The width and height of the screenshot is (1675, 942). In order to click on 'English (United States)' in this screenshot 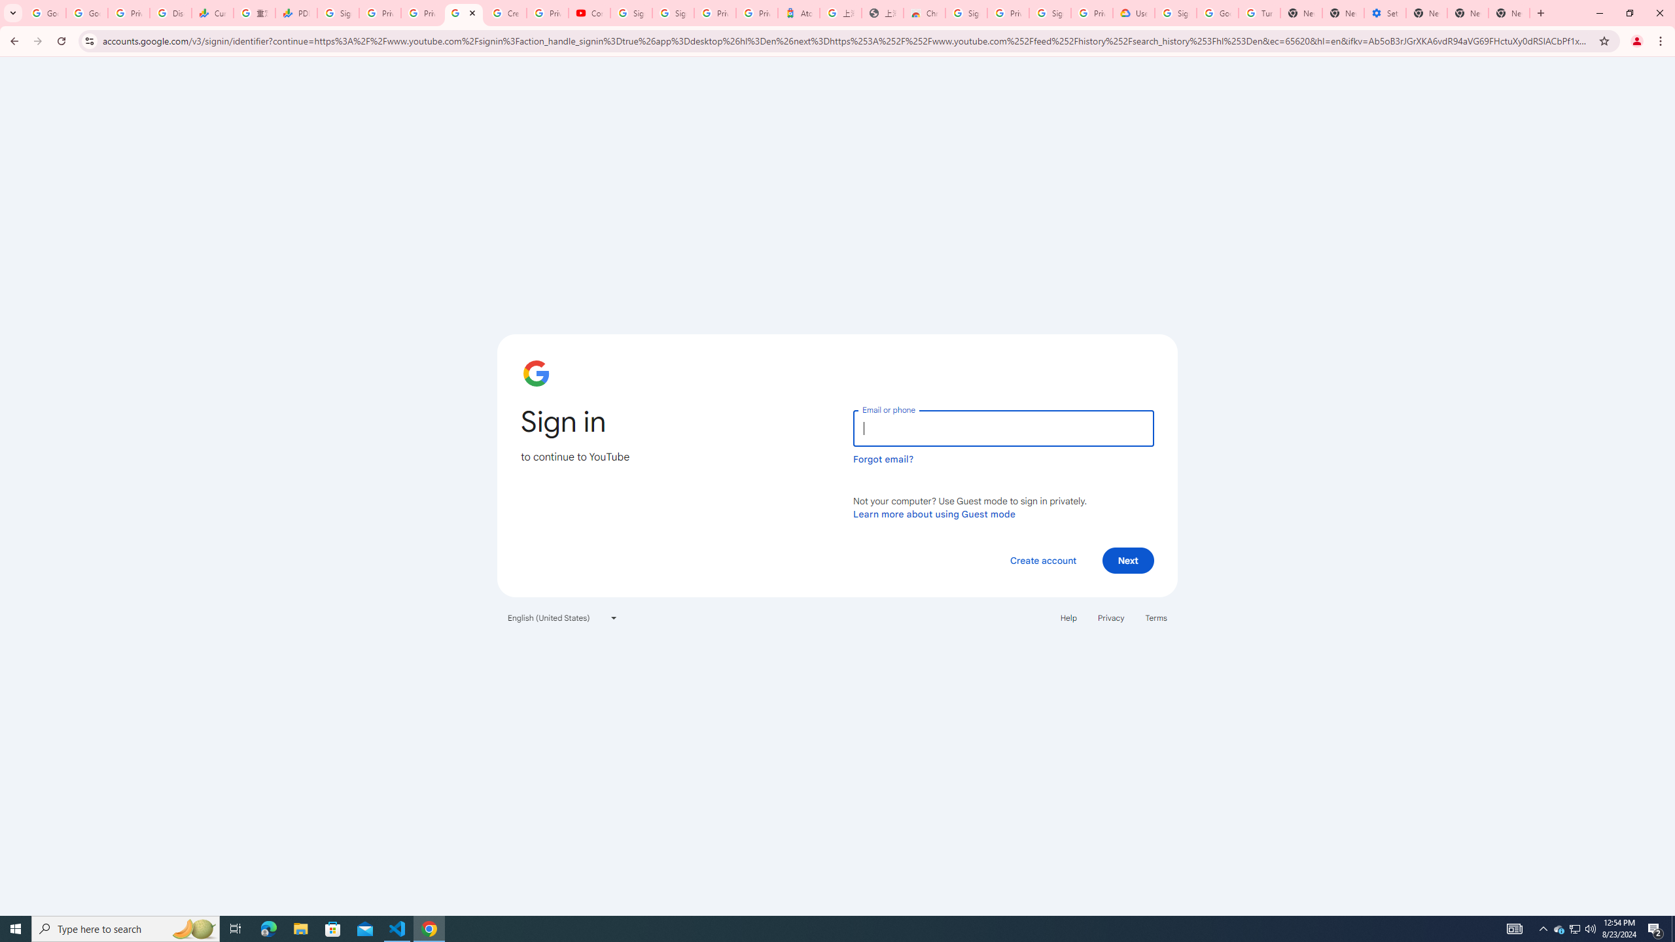, I will do `click(563, 616)`.